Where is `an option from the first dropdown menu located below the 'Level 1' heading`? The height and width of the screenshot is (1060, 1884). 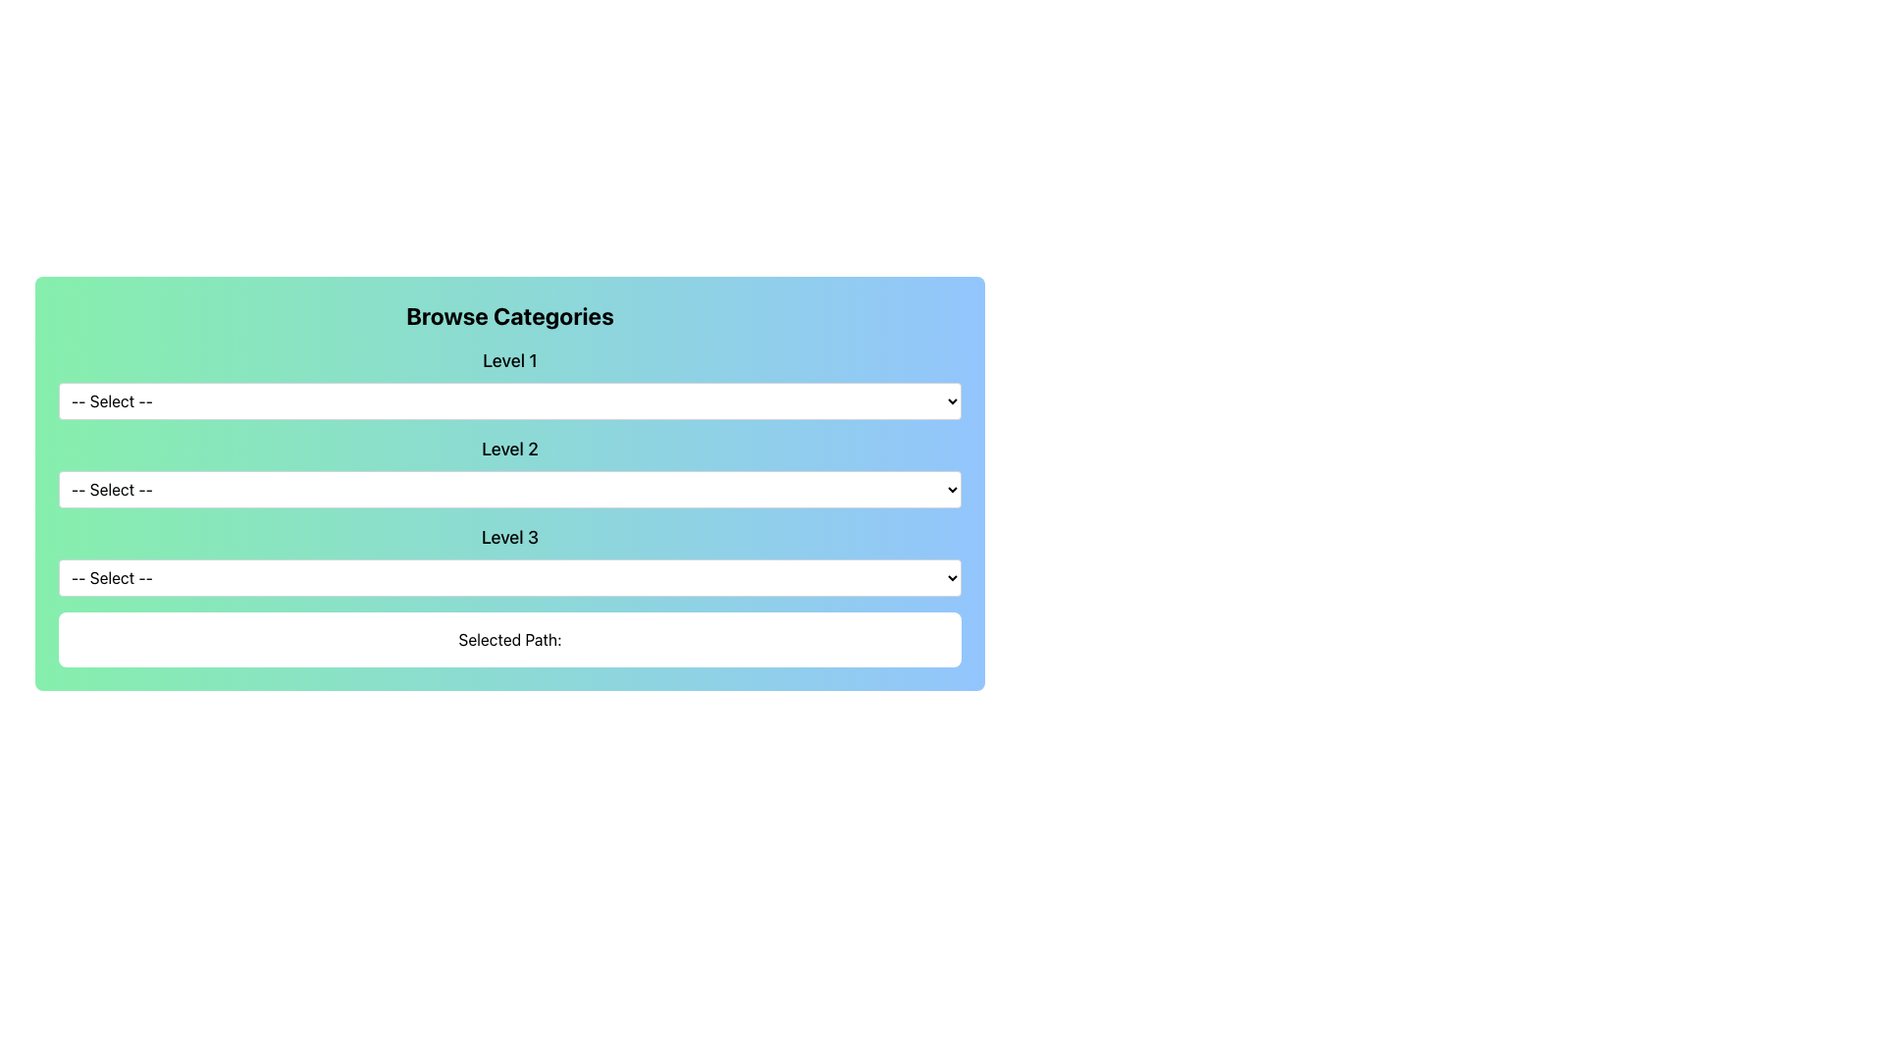
an option from the first dropdown menu located below the 'Level 1' heading is located at coordinates (509, 399).